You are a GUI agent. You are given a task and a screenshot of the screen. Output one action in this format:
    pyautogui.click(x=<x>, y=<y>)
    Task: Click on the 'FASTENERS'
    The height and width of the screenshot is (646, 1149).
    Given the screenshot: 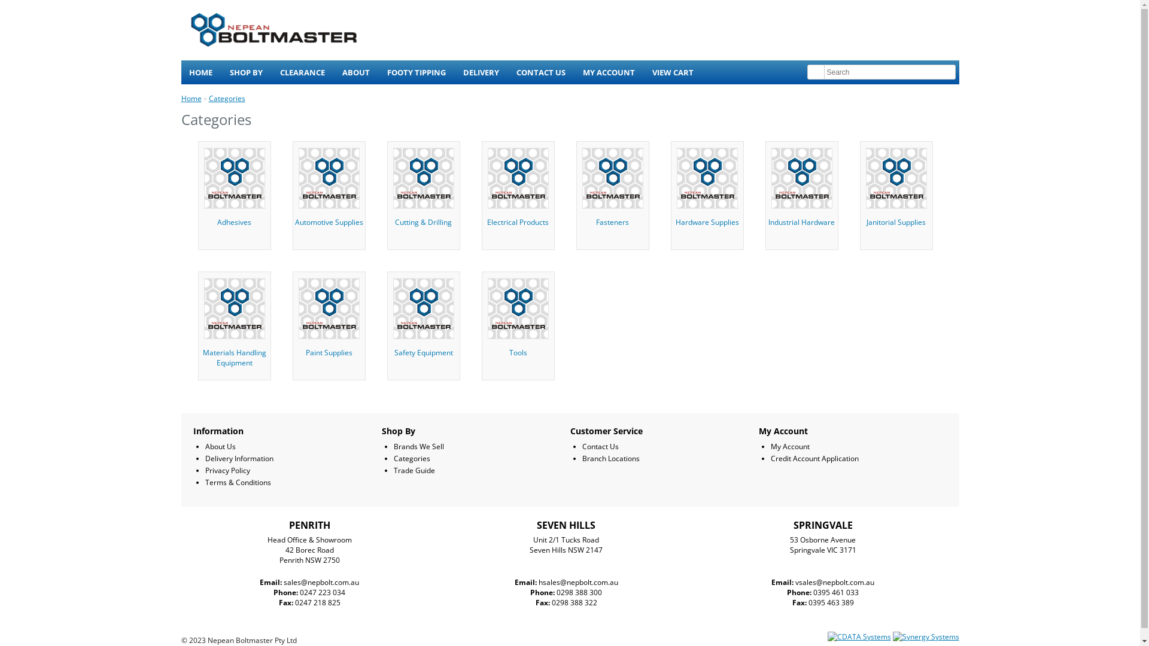 What is the action you would take?
    pyautogui.click(x=612, y=178)
    